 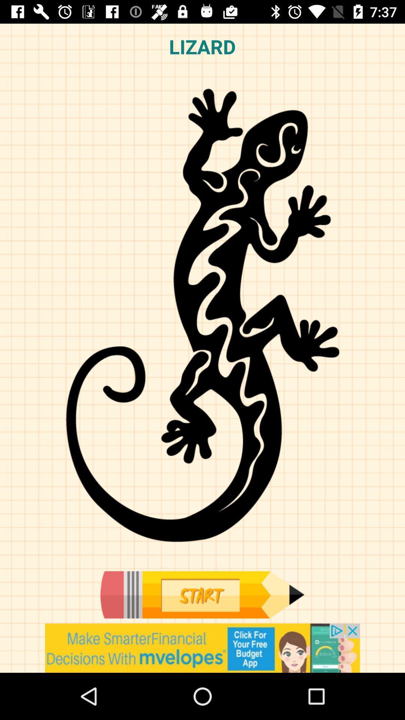 What do you see at coordinates (202, 594) in the screenshot?
I see `start` at bounding box center [202, 594].